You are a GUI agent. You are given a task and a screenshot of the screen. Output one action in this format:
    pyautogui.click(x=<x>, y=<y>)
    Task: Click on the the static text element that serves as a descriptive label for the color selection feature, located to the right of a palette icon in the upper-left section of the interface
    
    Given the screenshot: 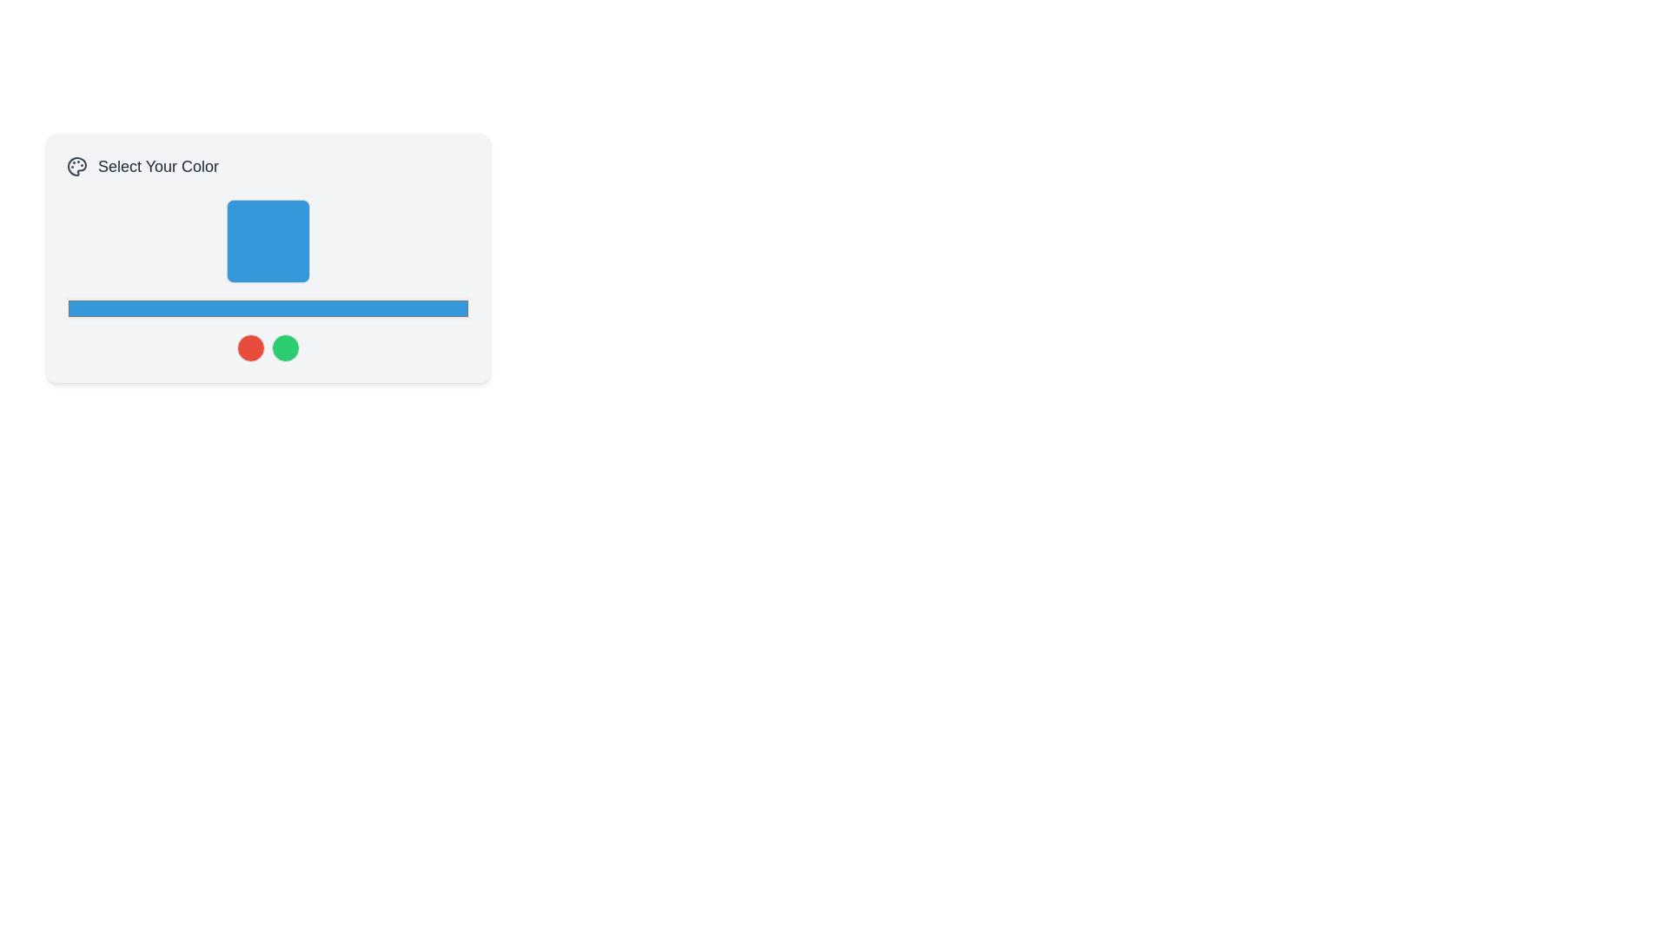 What is the action you would take?
    pyautogui.click(x=158, y=167)
    